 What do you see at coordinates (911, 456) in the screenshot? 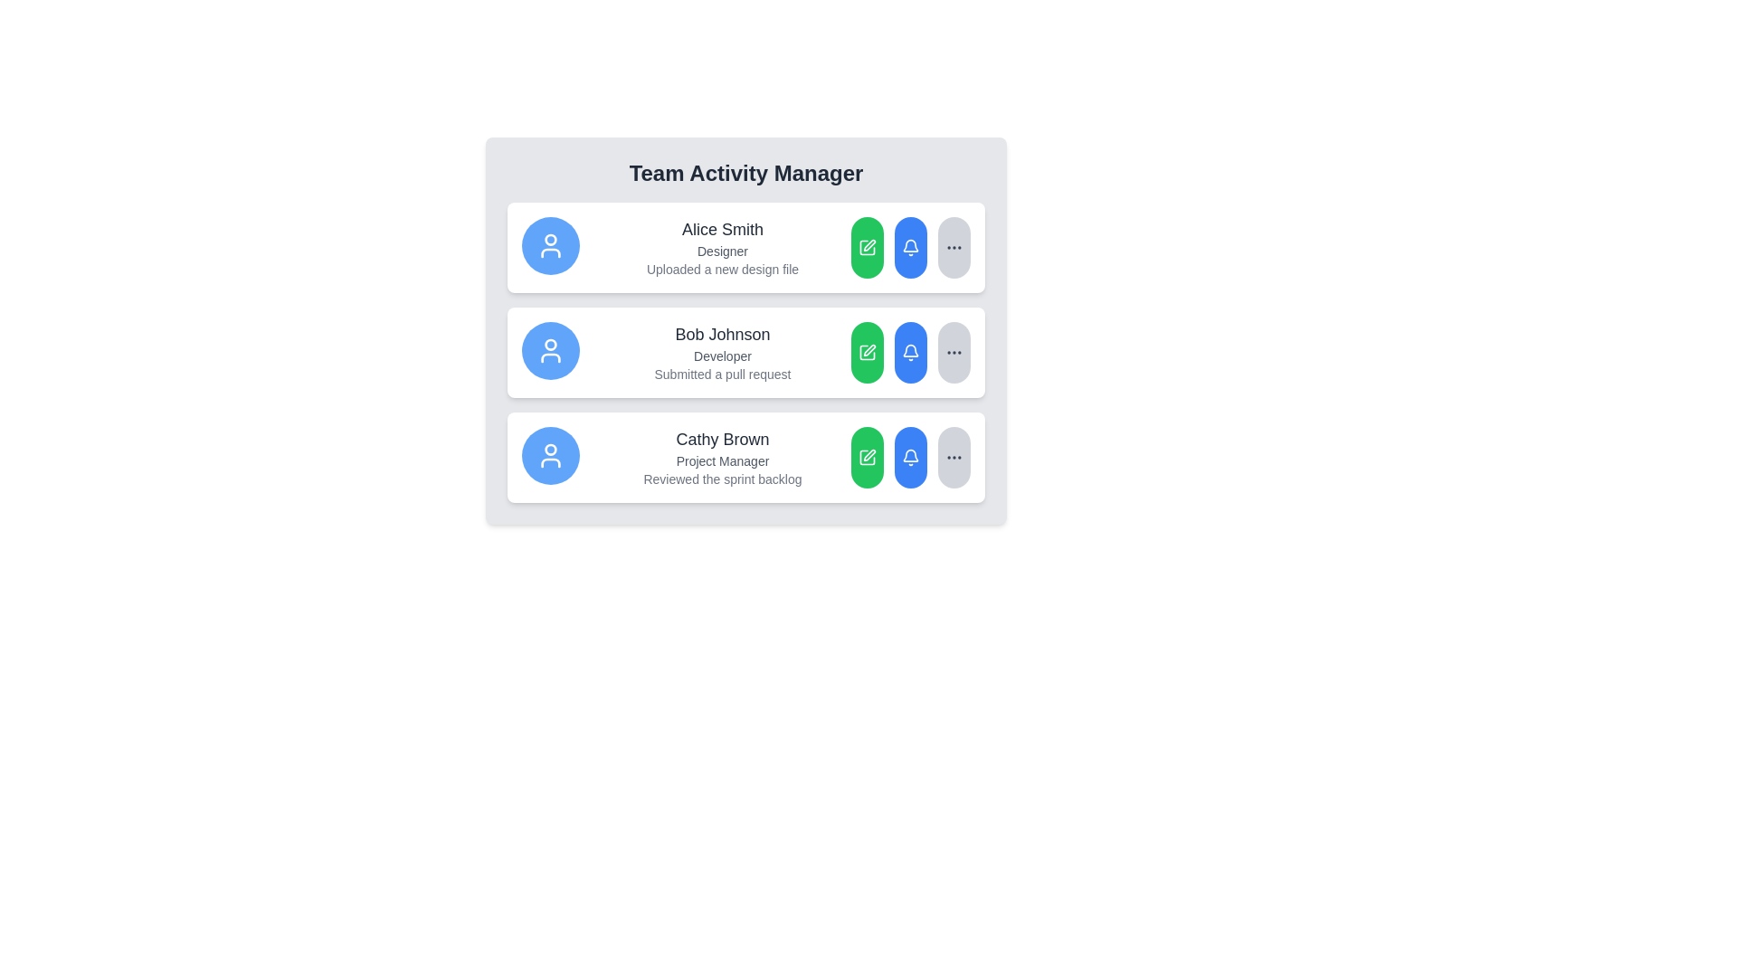
I see `the notification bell icon button associated with Bob Johnson, the Developer` at bounding box center [911, 456].